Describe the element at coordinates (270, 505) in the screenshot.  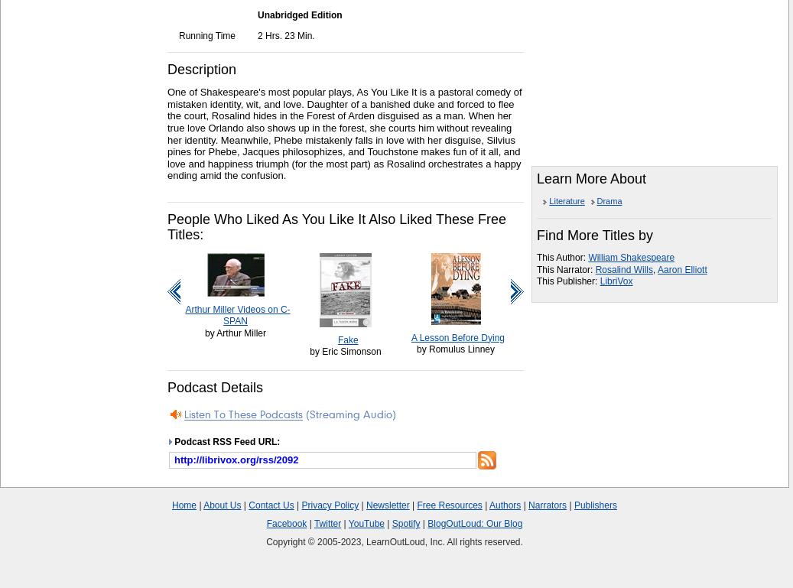
I see `'Contact Us'` at that location.